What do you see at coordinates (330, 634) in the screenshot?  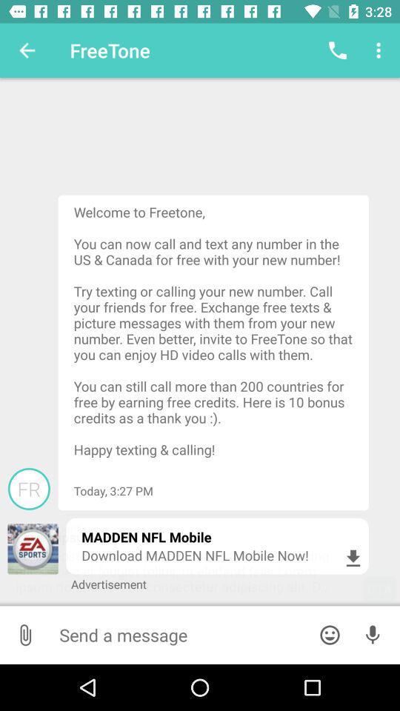 I see `the emoji icon` at bounding box center [330, 634].